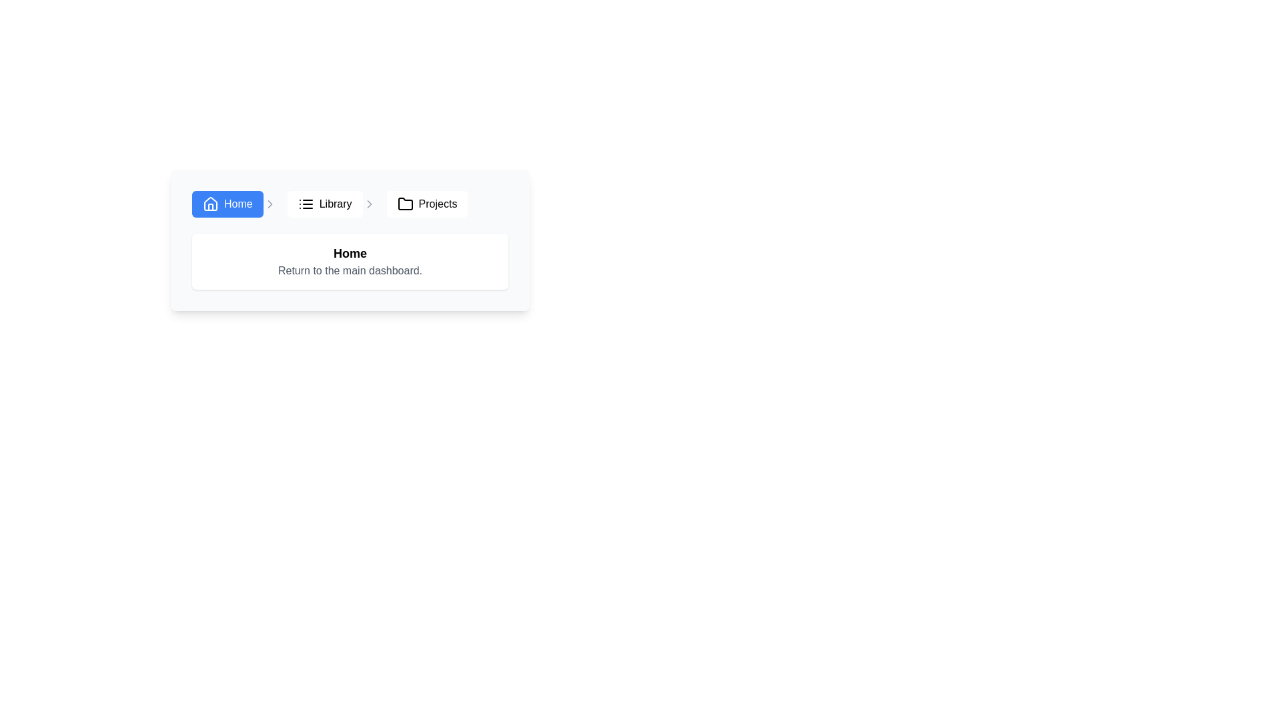  Describe the element at coordinates (269, 204) in the screenshot. I see `the small gray chevron icon pointing to the right, which is located next to the 'Home' button in the breadcrumb navigation bar` at that location.